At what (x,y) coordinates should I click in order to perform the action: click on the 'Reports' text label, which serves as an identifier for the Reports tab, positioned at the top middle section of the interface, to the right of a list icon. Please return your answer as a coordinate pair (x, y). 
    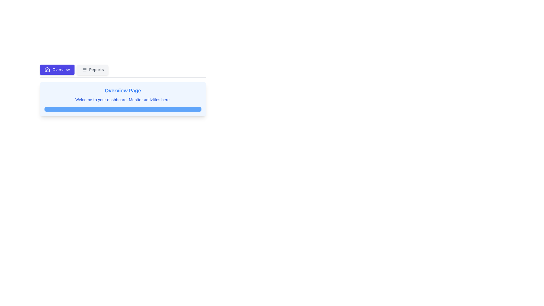
    Looking at the image, I should click on (96, 69).